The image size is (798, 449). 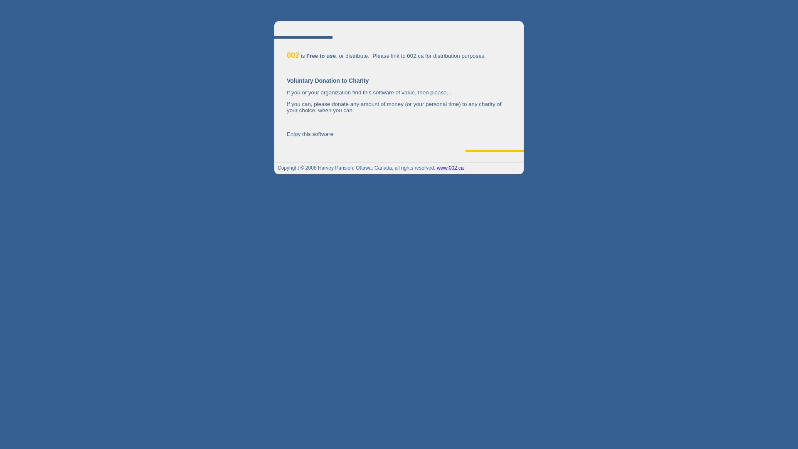 What do you see at coordinates (450, 168) in the screenshot?
I see `'www.002.ca'` at bounding box center [450, 168].